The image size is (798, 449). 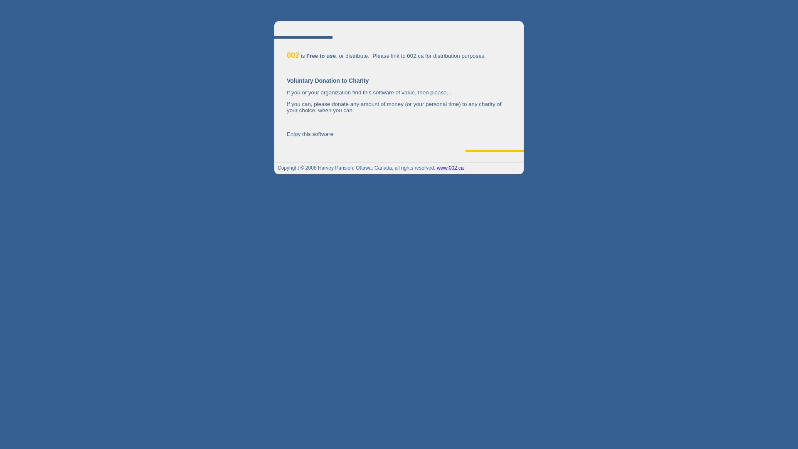 What do you see at coordinates (450, 168) in the screenshot?
I see `'www.002.ca'` at bounding box center [450, 168].